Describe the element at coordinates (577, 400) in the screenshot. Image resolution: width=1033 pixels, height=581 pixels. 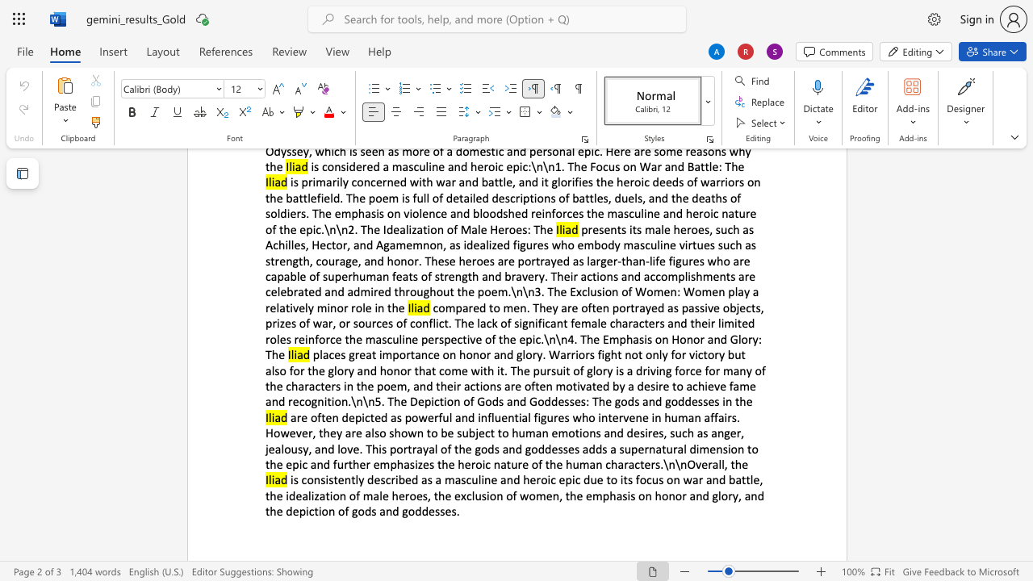
I see `the 25th character "e" in the text` at that location.